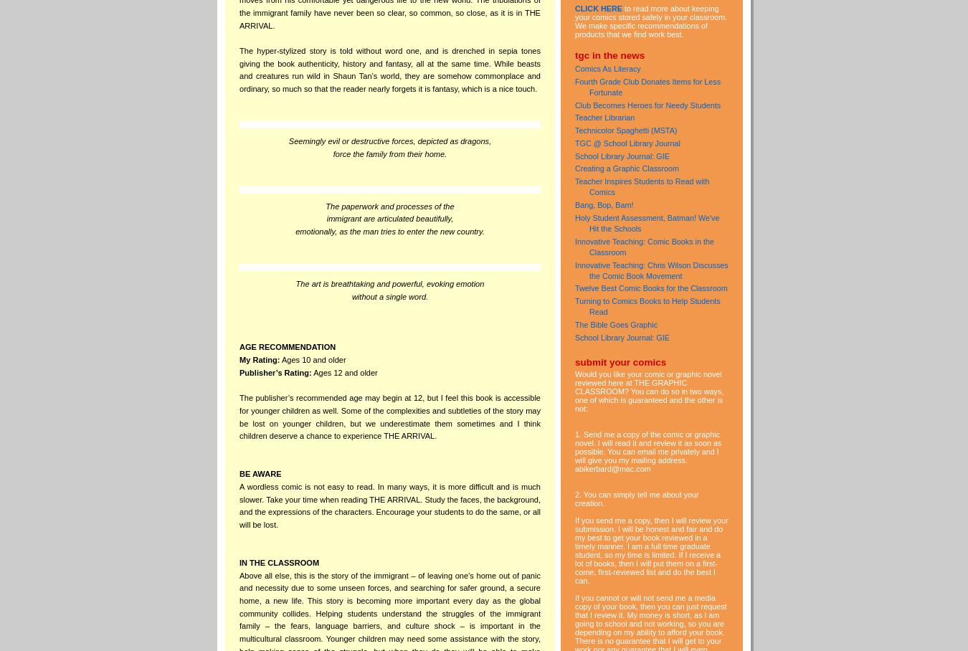  What do you see at coordinates (287, 346) in the screenshot?
I see `'AGE RECOMMENDATION'` at bounding box center [287, 346].